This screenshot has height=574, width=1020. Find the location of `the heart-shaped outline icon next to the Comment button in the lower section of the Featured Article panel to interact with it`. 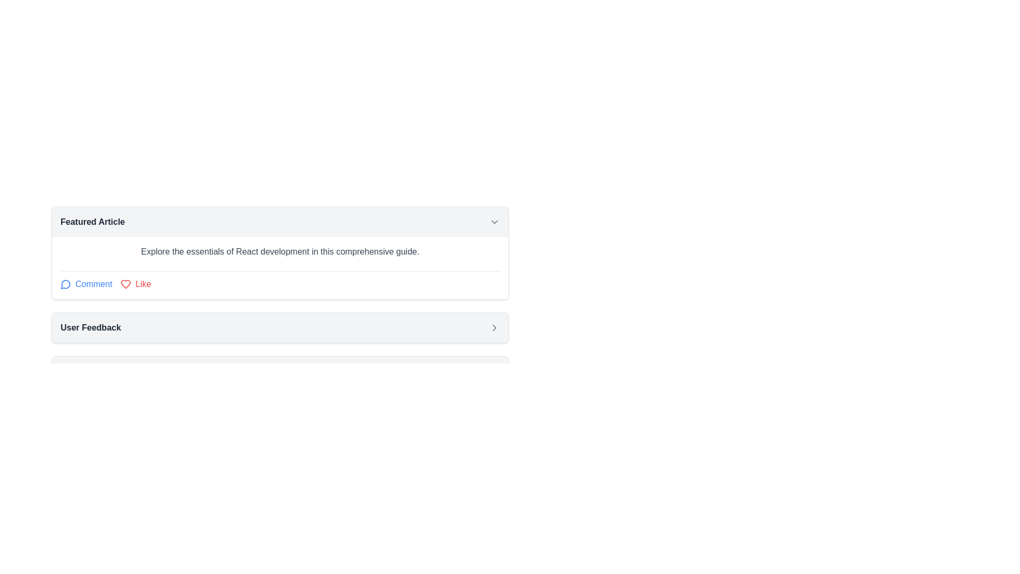

the heart-shaped outline icon next to the Comment button in the lower section of the Featured Article panel to interact with it is located at coordinates (126, 284).